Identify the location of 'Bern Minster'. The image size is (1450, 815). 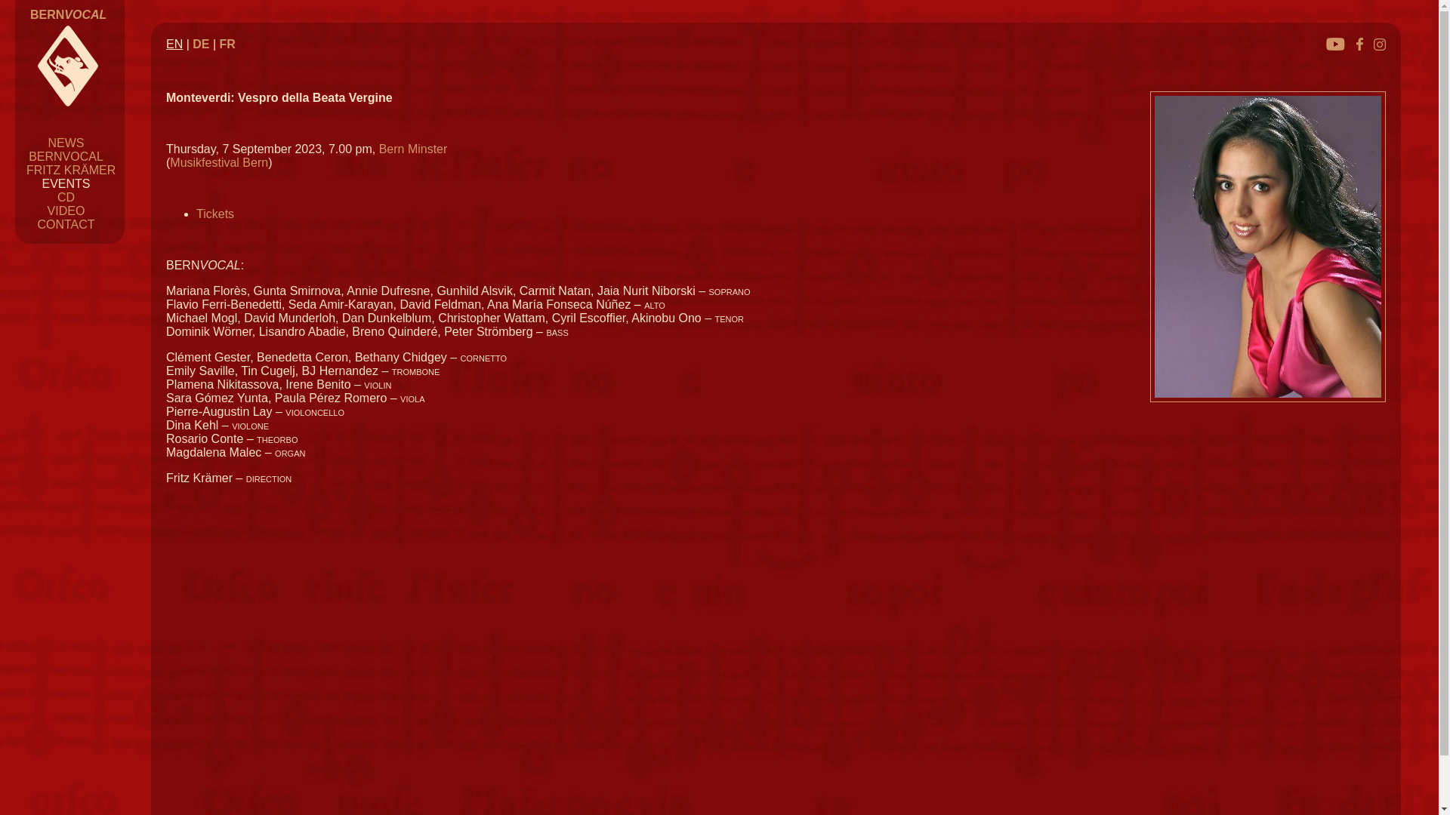
(379, 149).